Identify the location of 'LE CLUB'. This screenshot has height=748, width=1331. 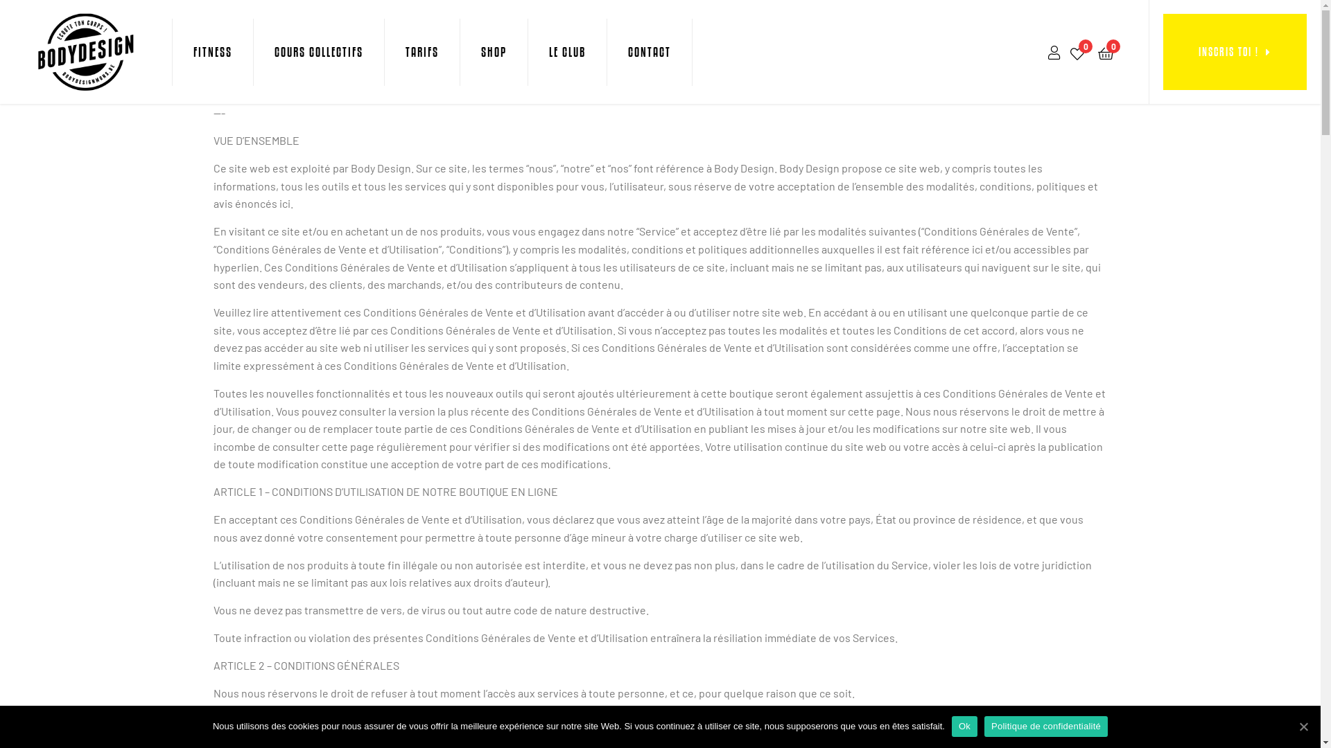
(567, 51).